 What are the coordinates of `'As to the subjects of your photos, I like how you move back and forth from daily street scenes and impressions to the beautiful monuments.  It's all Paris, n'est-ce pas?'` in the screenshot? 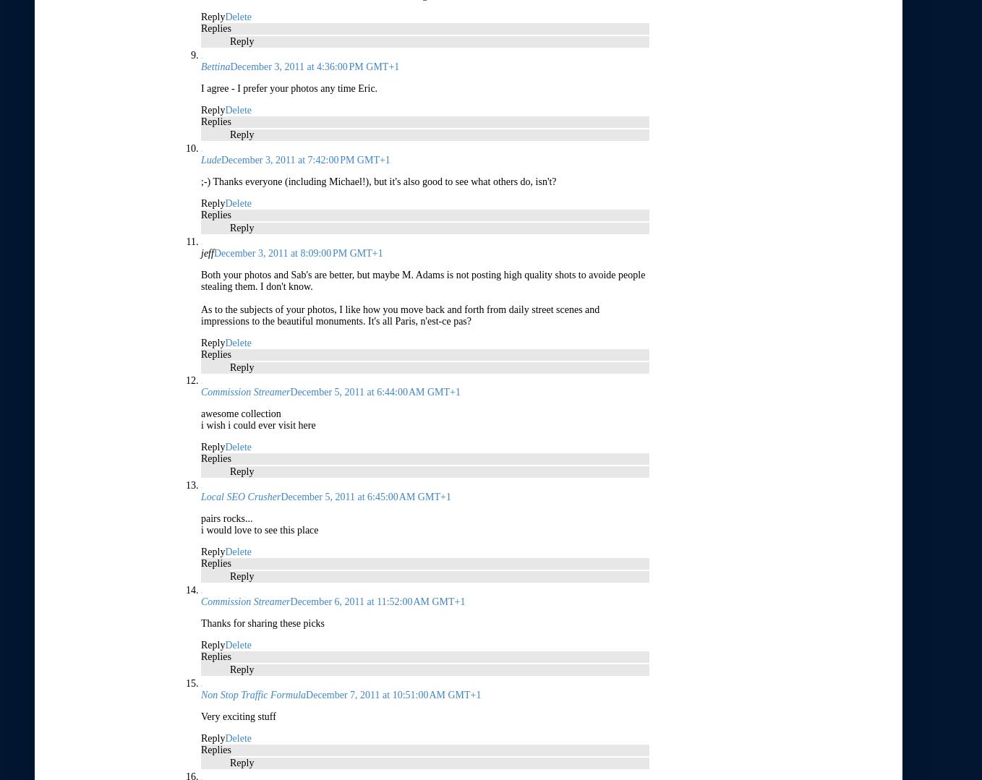 It's located at (200, 314).